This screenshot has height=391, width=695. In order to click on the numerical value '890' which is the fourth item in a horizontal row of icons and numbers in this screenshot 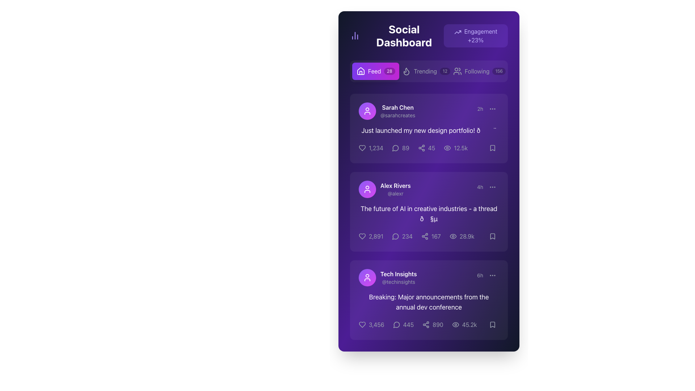, I will do `click(429, 324)`.